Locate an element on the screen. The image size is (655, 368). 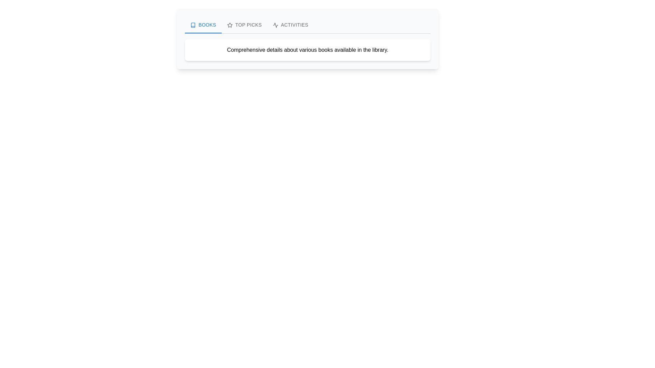
the icon that represents the 'Top Picks' section, located in the navigation bar to the immediate left of the text 'Top Picks' is located at coordinates (230, 25).